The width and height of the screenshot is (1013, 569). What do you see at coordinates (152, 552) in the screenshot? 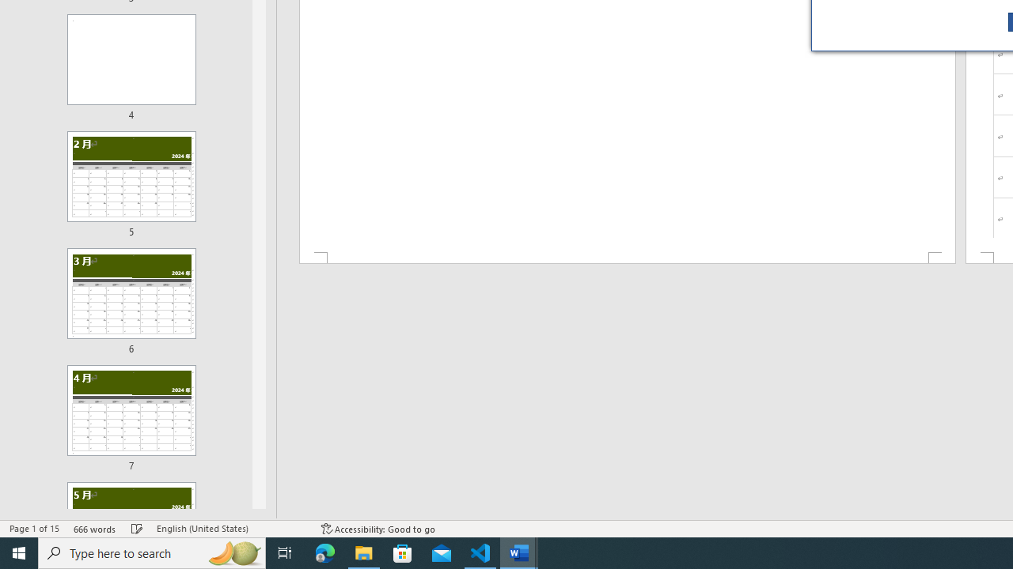
I see `'Type here to search'` at bounding box center [152, 552].